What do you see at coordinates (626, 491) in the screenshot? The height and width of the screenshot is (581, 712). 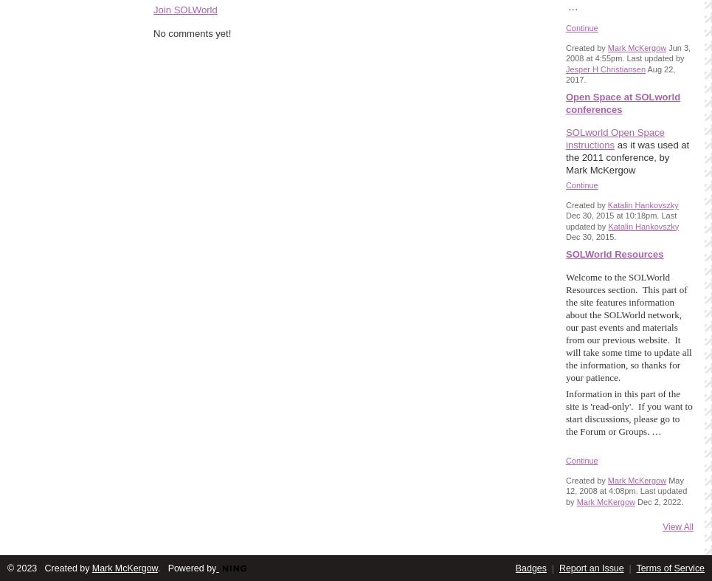 I see `'May 12, 2008 at 4:08pm. Last updated by'` at bounding box center [626, 491].